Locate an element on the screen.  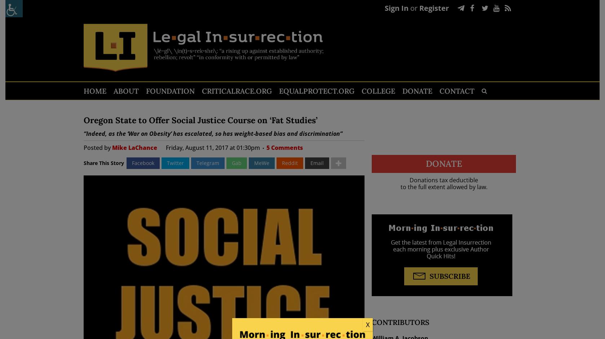
'MeWe' is located at coordinates (261, 163).